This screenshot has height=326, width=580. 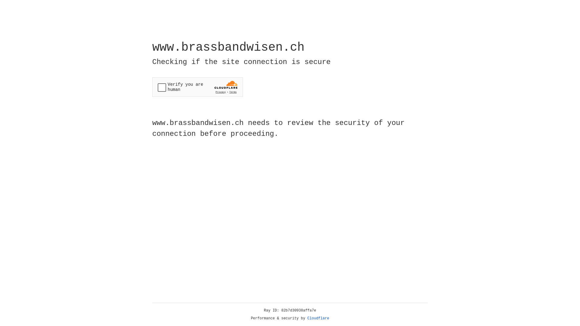 I want to click on 'Cloudflare', so click(x=318, y=318).